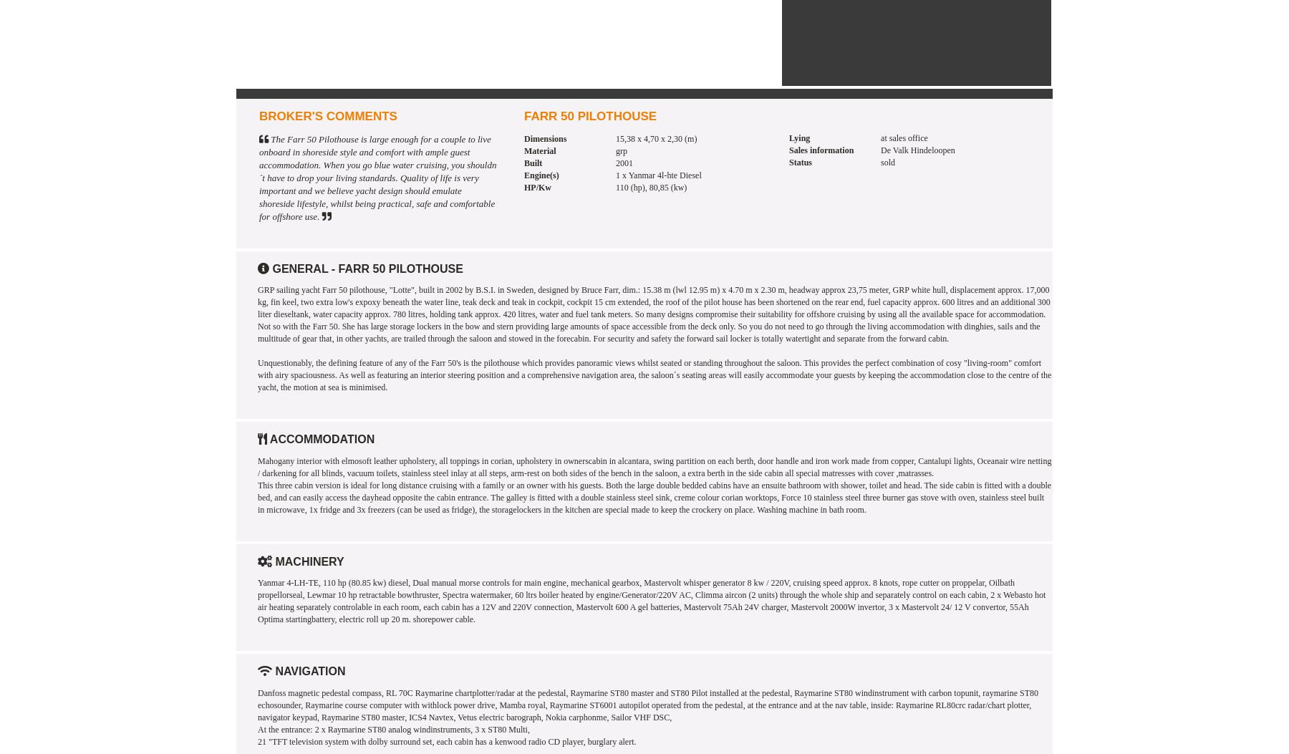 Image resolution: width=1289 pixels, height=754 pixels. I want to click on 'Yanmar 4-LH-TE, 110 hp (80.85 kw) diesel, Dual manual morse controls for main engine,  mechanical gearbox, Mastervolt whisper generator 8 kw / 220V, cruising speed approx. 8 knots, rope cutter on proppelar, Oilbath propellorseal, Lewmar 10 hp retractable bowthruster, Spectra watermaker, 60 ltrs boiler heated by engine/Generator/220V AC,   Climma aircon (2 units) through the whole ship and separately control on each cabin, 2 x Webasto hot air heating separately controlable in each room, each cabin has a 12V and 220V connection, Mastervolt 600 A gel batteries, Mastervolt 75Ah 24V charger, Mastervolt 2000W invertor, 3 x Mastervolt 24/ 12 V convertor, 55Ah Optima startingbattery, electric roll up 20 m. shorepower cable.', so click(258, 600).